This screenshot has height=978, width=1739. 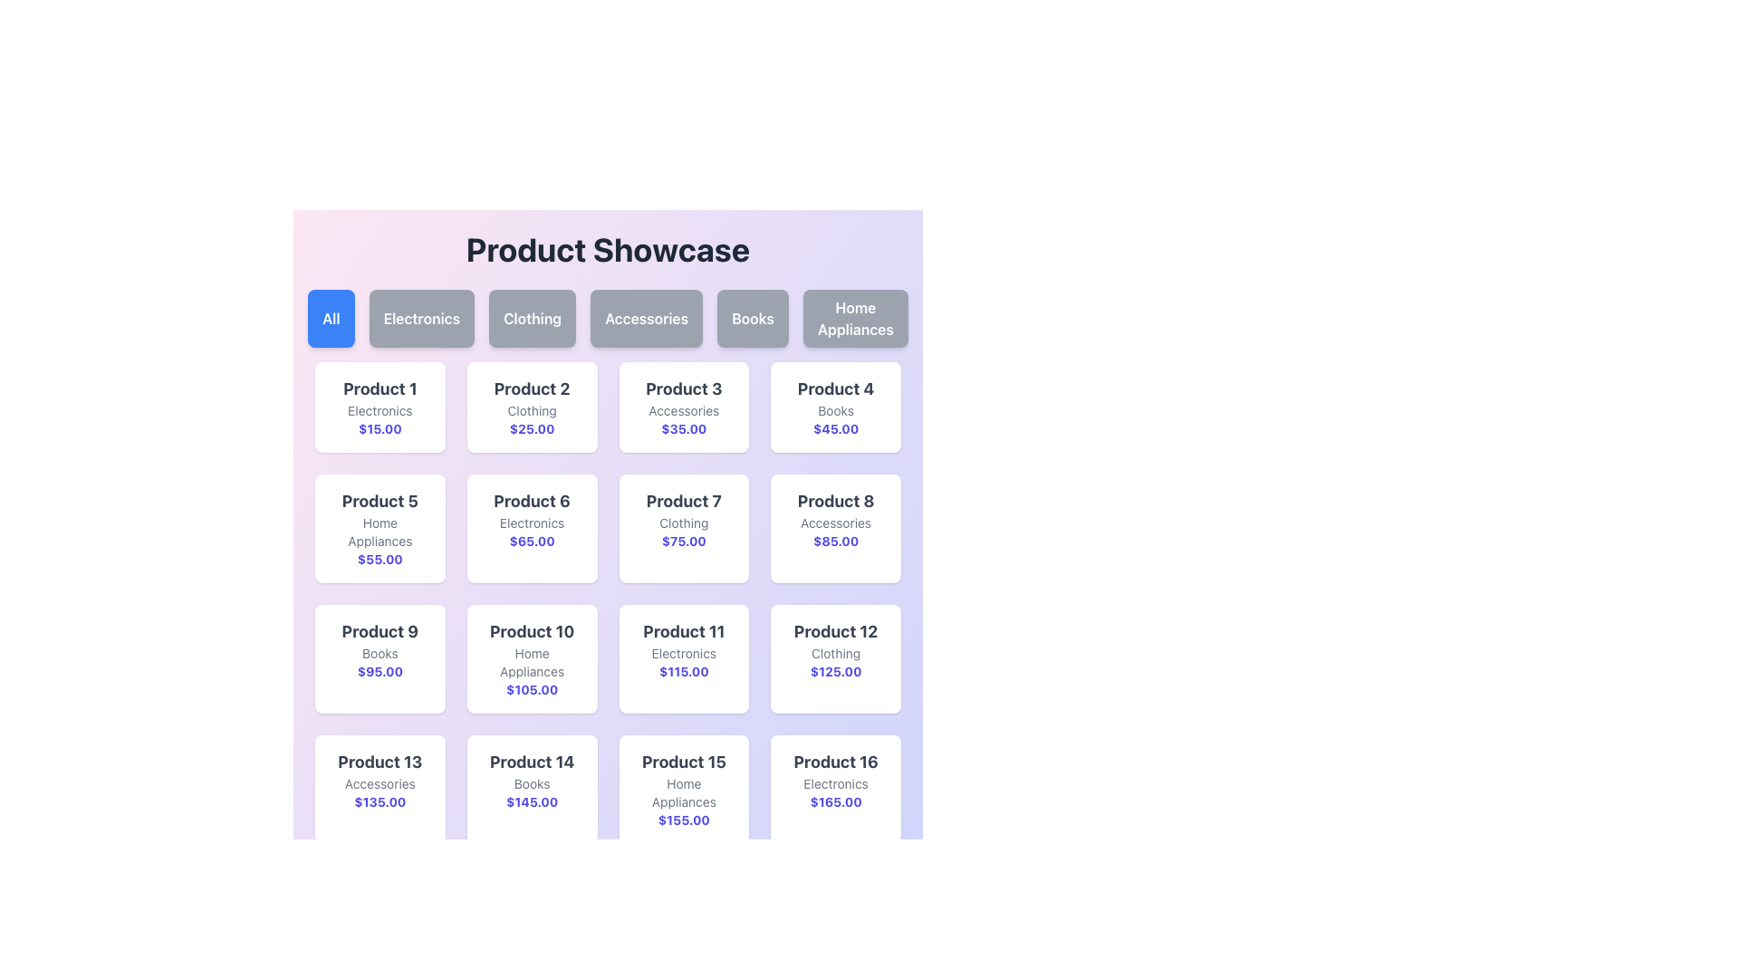 What do you see at coordinates (683, 631) in the screenshot?
I see `text of the product identifier located in the second row and third column, specifically the text 'Product 11' above the 'Electronics' and '$115.00' labels` at bounding box center [683, 631].